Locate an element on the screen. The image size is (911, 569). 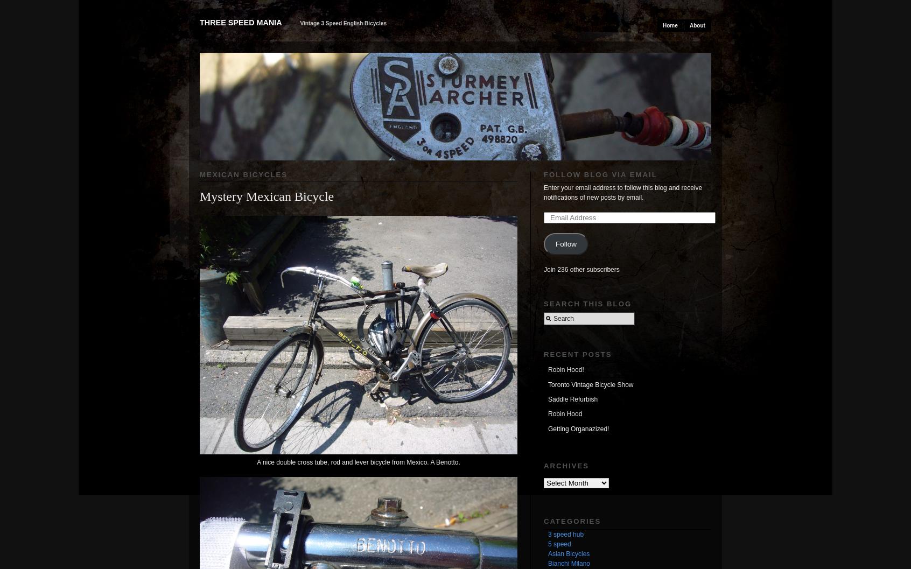
'Enter your email address to follow this blog and receive notifications of new posts by email.' is located at coordinates (543, 193).